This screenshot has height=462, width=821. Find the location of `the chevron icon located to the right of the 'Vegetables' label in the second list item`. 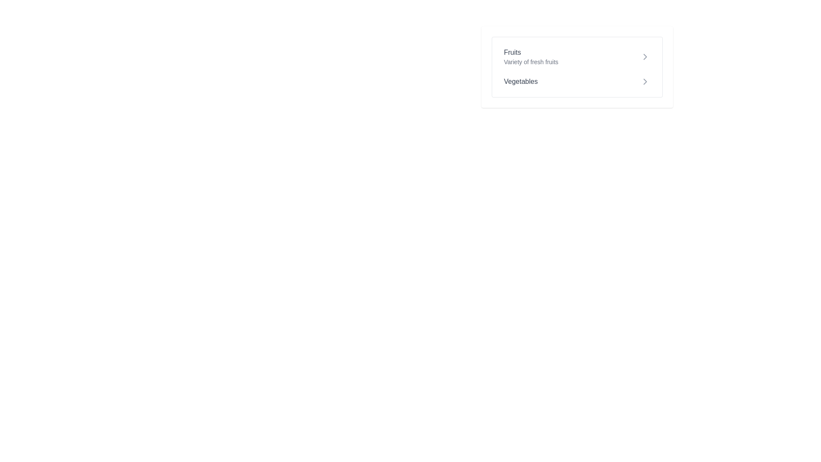

the chevron icon located to the right of the 'Vegetables' label in the second list item is located at coordinates (645, 82).